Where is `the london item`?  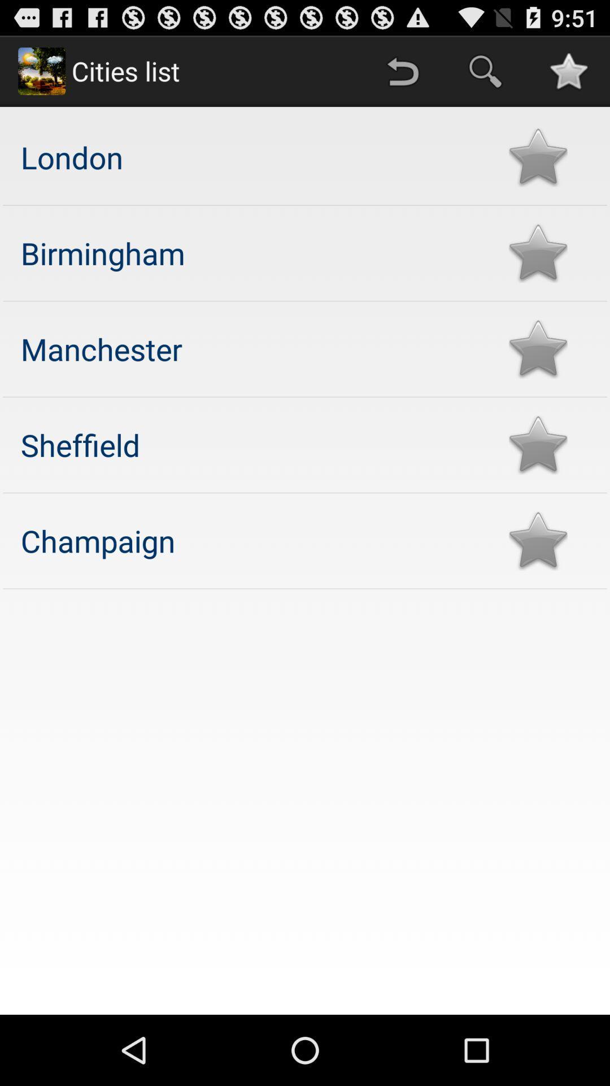 the london item is located at coordinates (253, 156).